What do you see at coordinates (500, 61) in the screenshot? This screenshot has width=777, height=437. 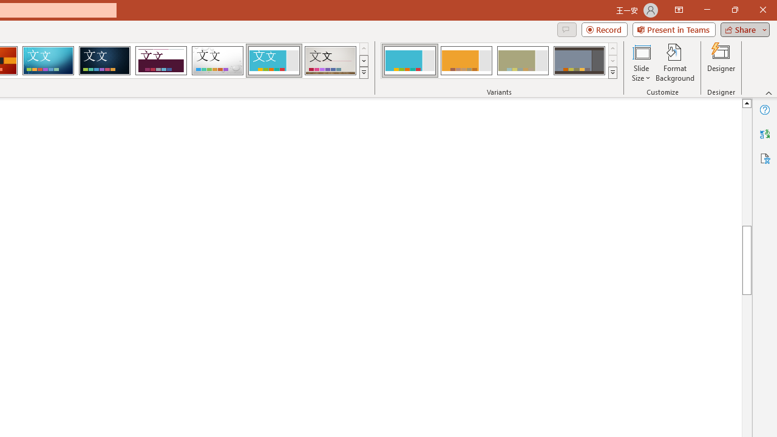 I see `'AutomationID: ThemeVariantsGallery'` at bounding box center [500, 61].